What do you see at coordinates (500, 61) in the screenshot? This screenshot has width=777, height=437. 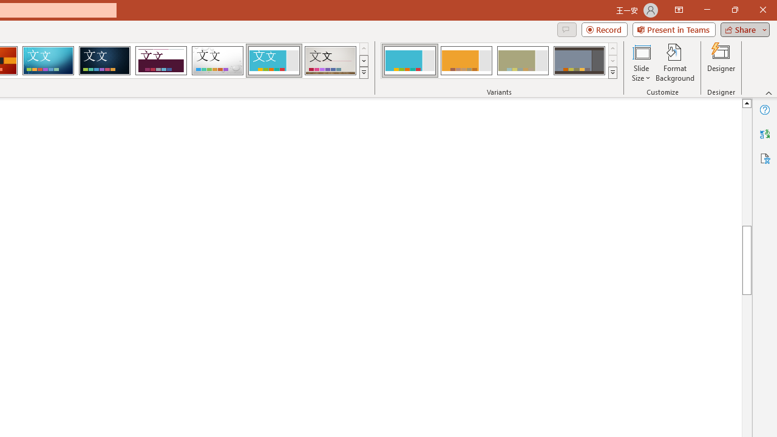 I see `'AutomationID: ThemeVariantsGallery'` at bounding box center [500, 61].